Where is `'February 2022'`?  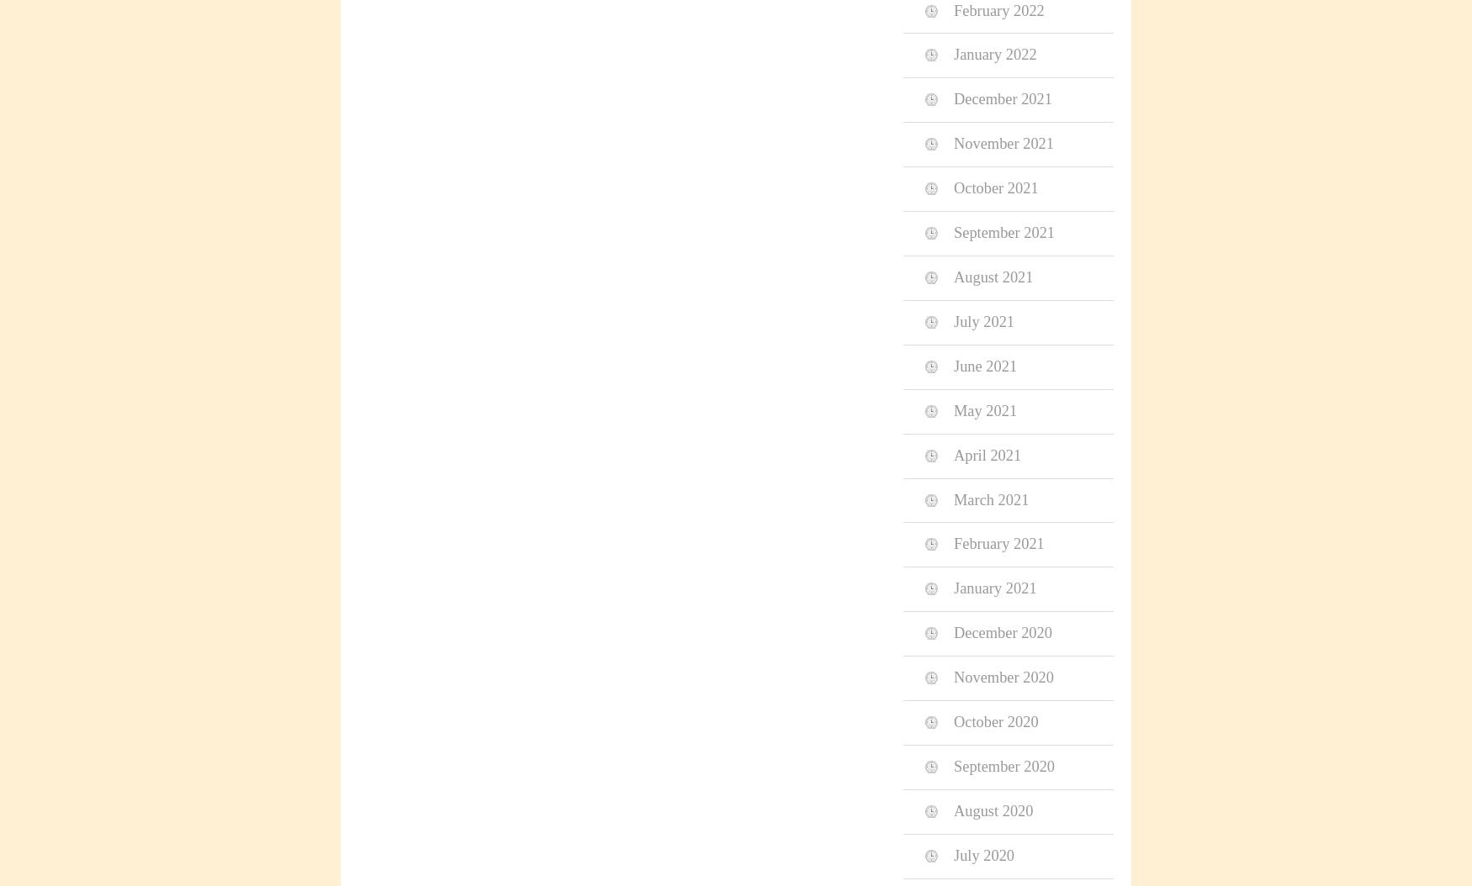
'February 2022' is located at coordinates (998, 10).